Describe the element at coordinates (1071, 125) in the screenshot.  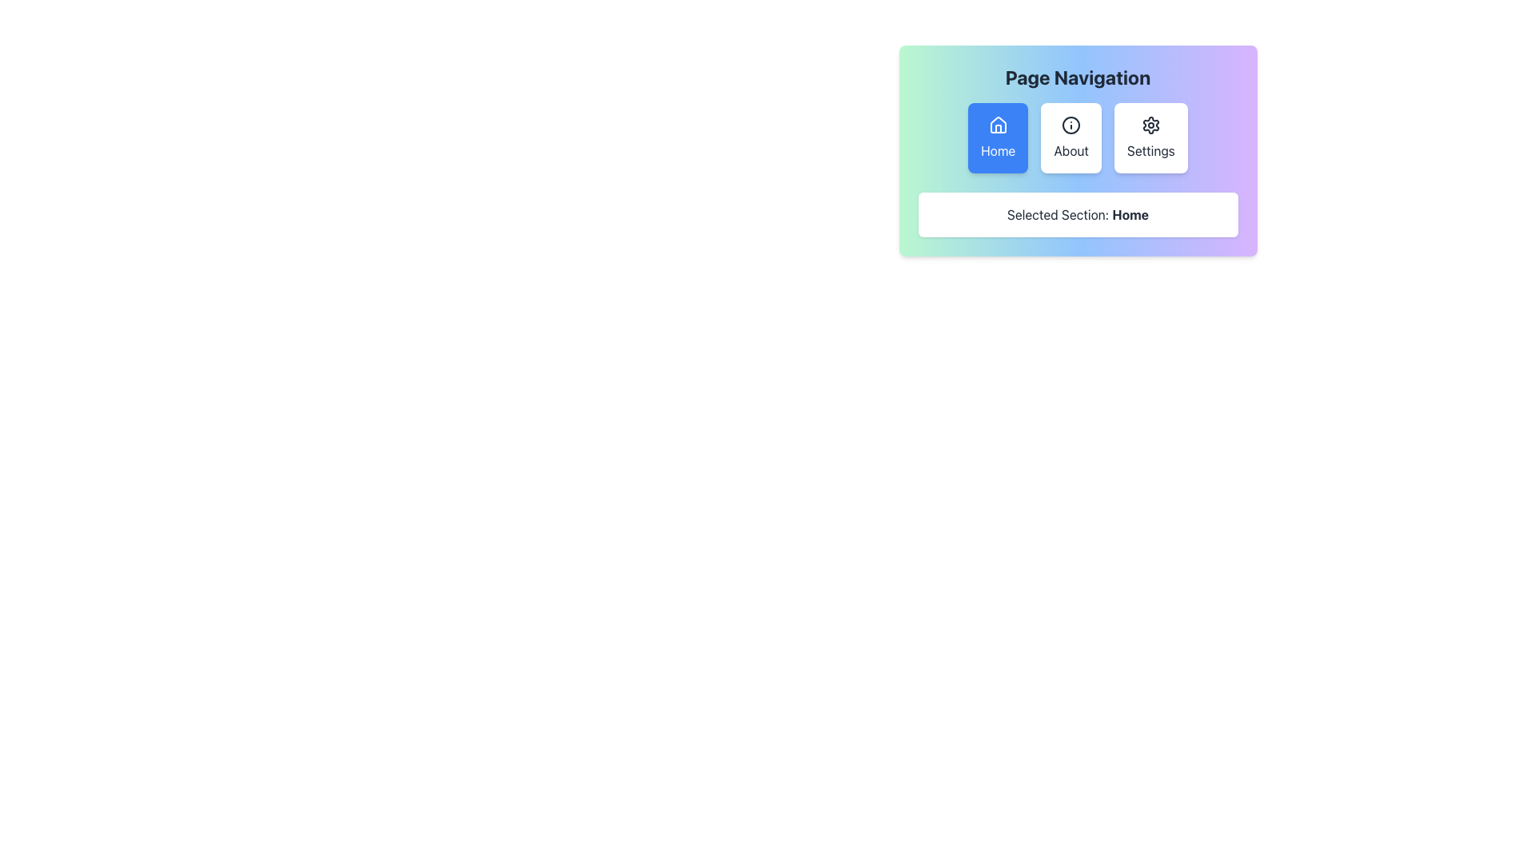
I see `the circular information icon located centrally in the 'About' section of the navigation card` at that location.